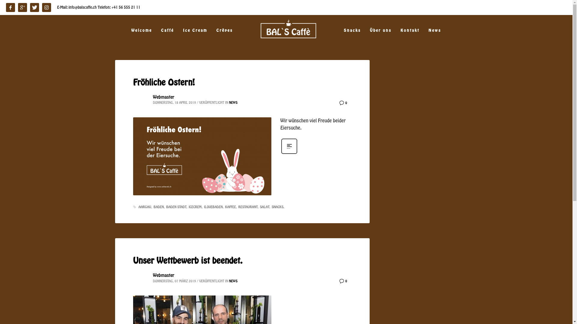 This screenshot has height=324, width=577. I want to click on 'RESTAURANT', so click(248, 207).